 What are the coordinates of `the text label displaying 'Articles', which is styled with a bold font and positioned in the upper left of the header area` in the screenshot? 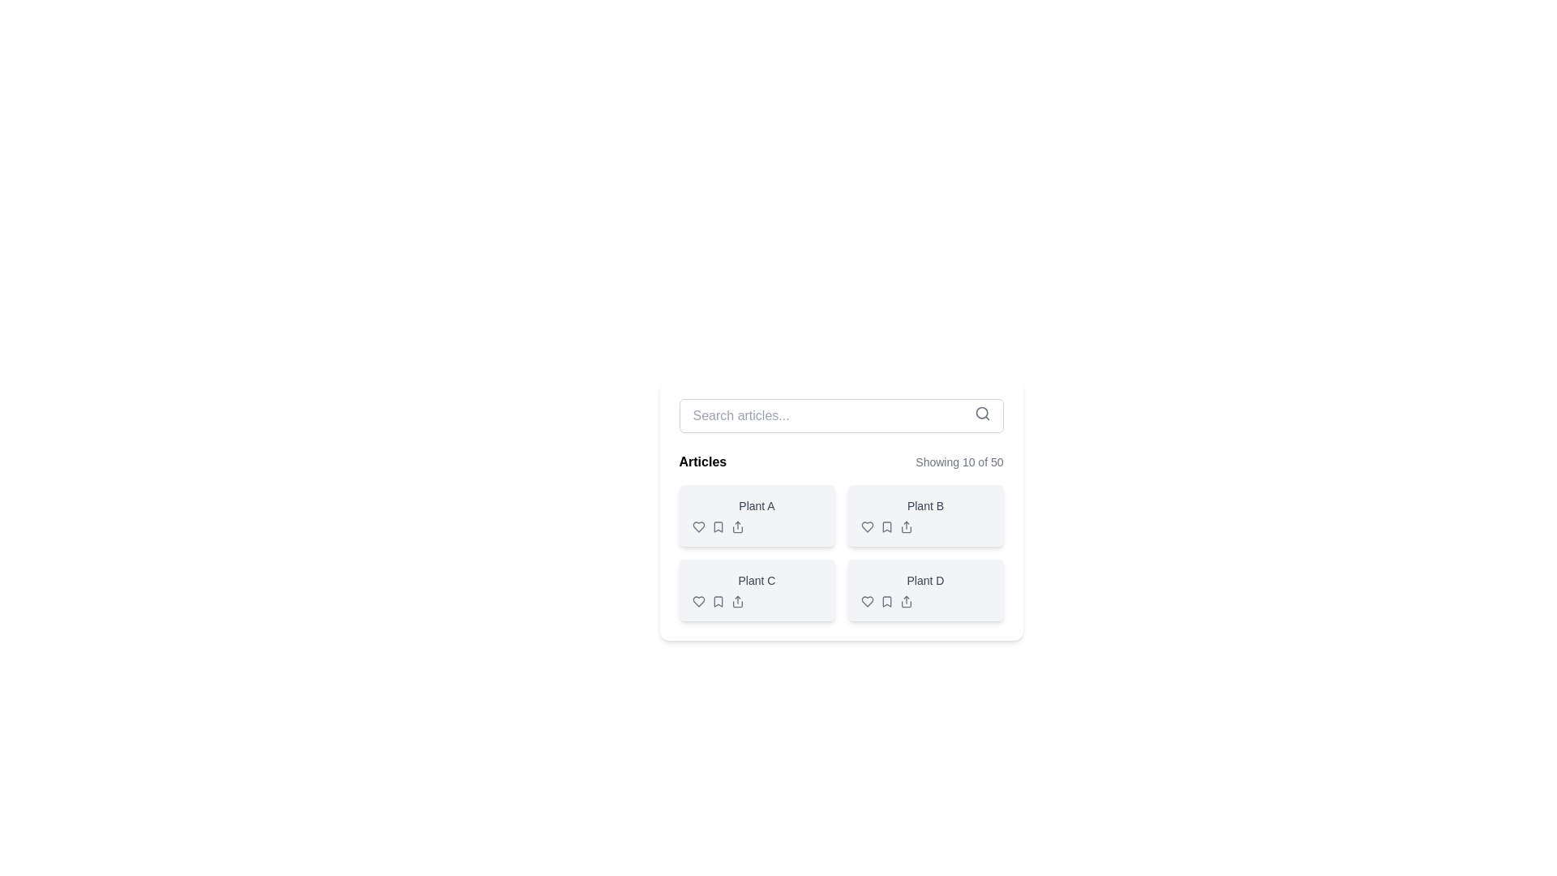 It's located at (702, 462).